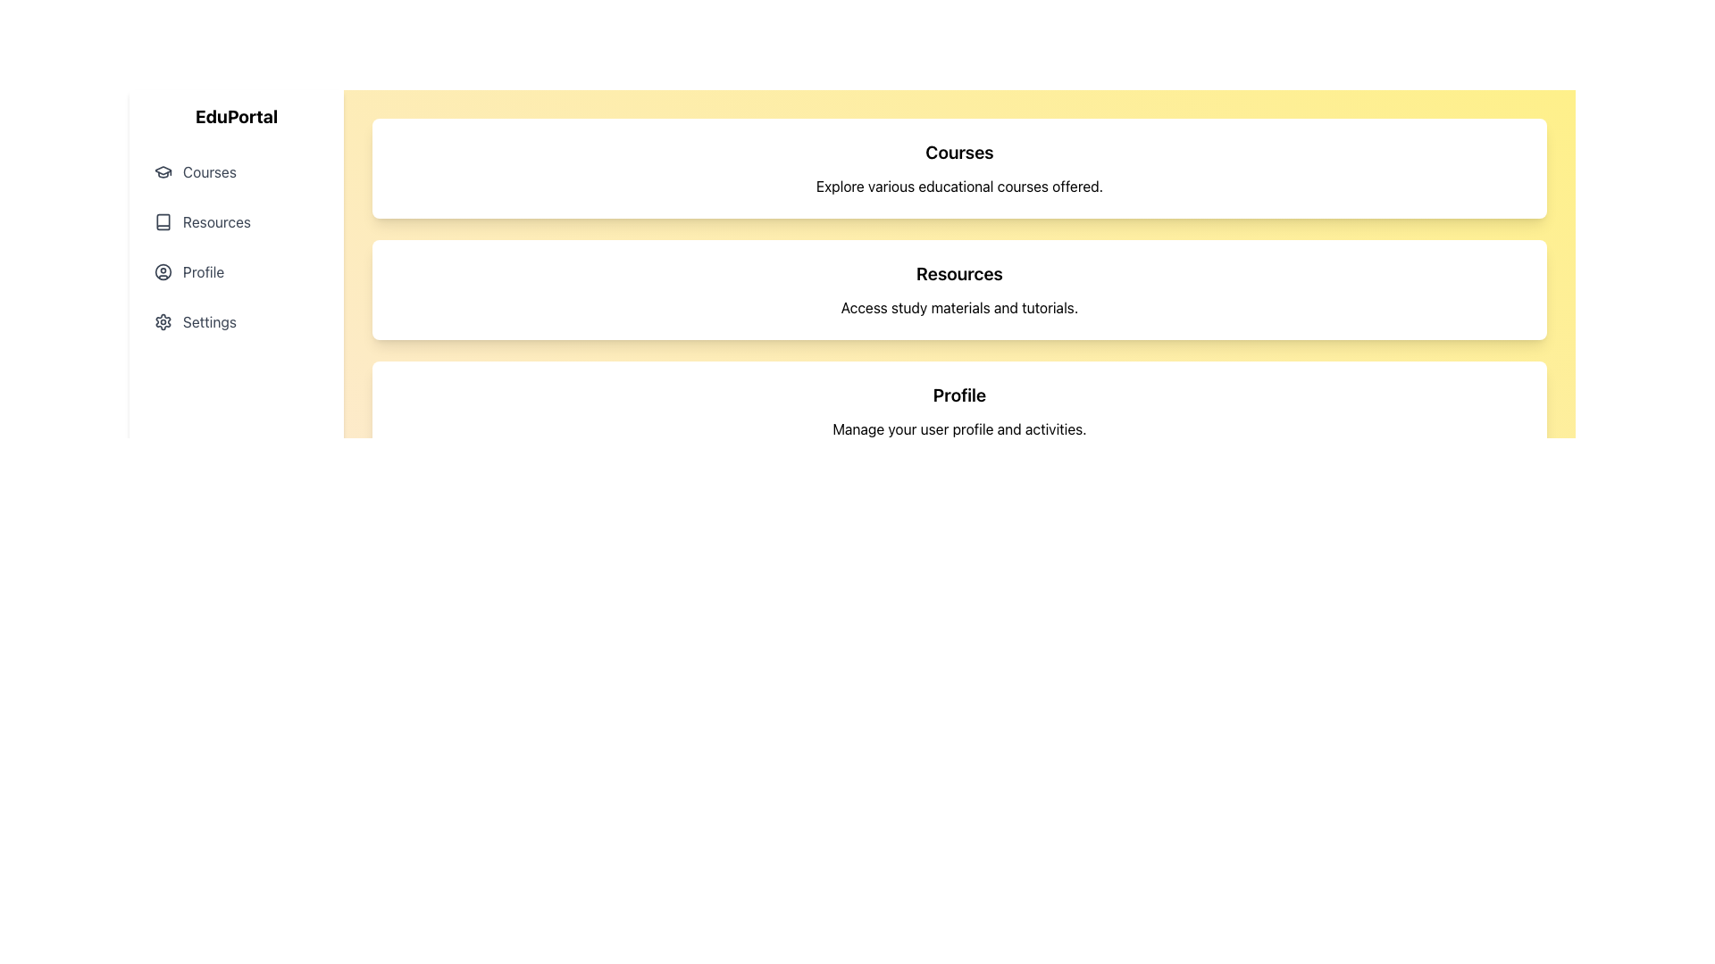 This screenshot has height=964, width=1715. Describe the element at coordinates (958, 429) in the screenshot. I see `the descriptive text element that provides information about the 'Profile' section, located directly below the 'Profile' heading` at that location.